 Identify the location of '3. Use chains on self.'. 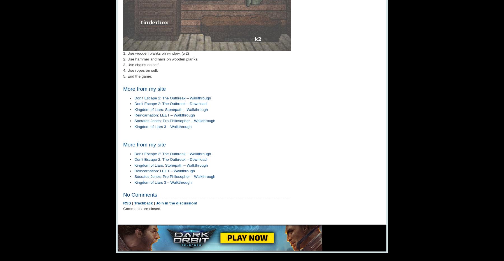
(141, 65).